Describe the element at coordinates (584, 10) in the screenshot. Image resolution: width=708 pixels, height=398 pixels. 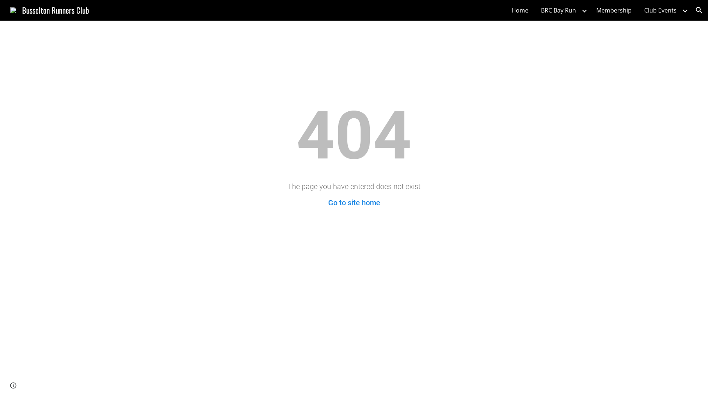
I see `'Expand/Collapse'` at that location.